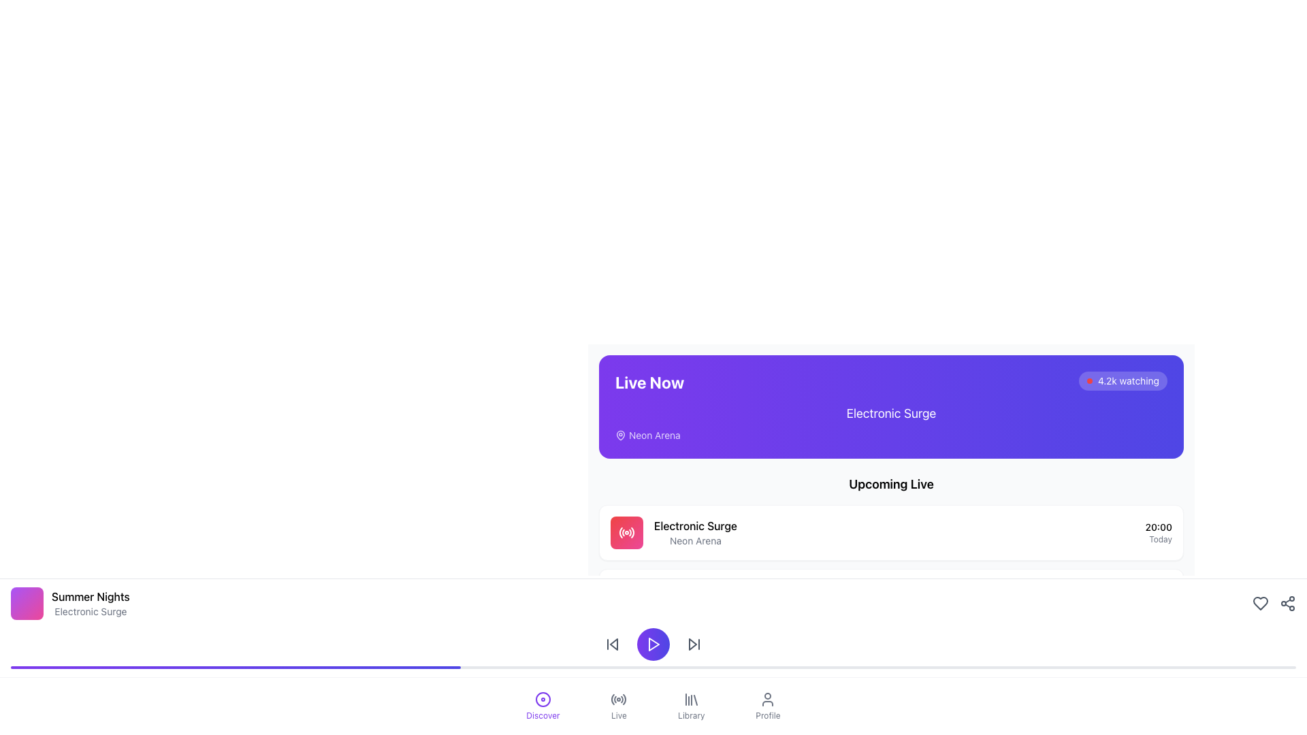 This screenshot has width=1307, height=735. I want to click on the 'Live' icon button, which resembles a radio signal with concentric circular patterns, located in the bottom navigation bar as the second item from the left, to trigger tooltip or visual feedback, so click(618, 700).